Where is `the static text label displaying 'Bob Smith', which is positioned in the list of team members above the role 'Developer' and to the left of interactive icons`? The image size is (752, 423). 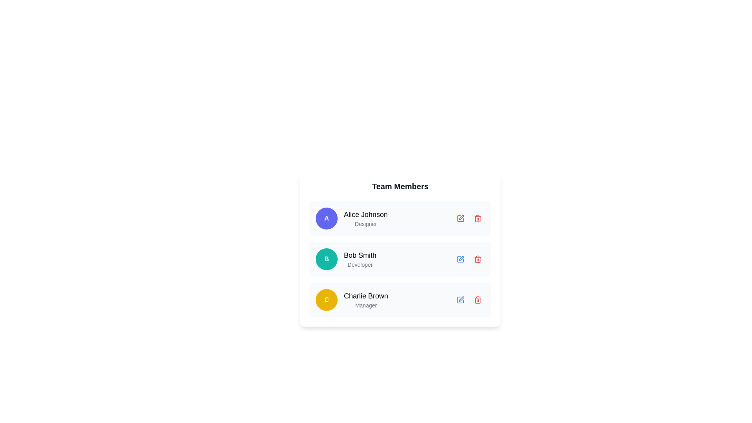 the static text label displaying 'Bob Smith', which is positioned in the list of team members above the role 'Developer' and to the left of interactive icons is located at coordinates (360, 255).